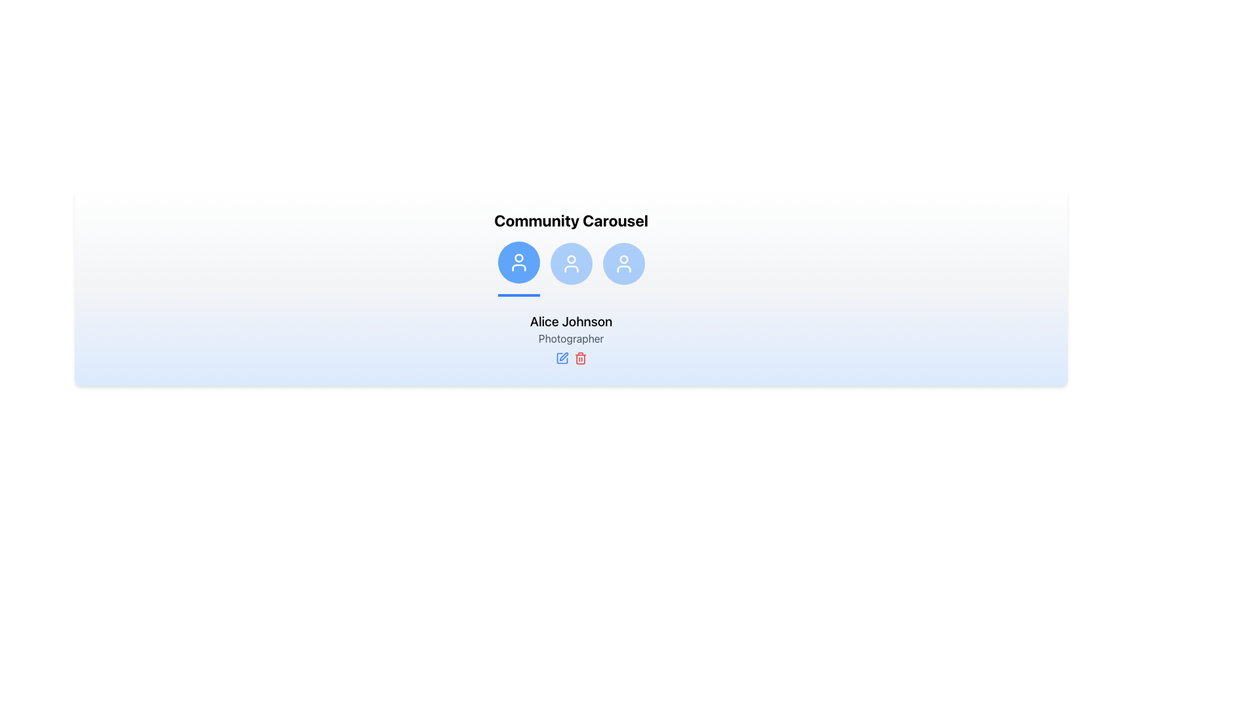  I want to click on the middle circular button located below the 'Community Carousel' title, so click(571, 263).